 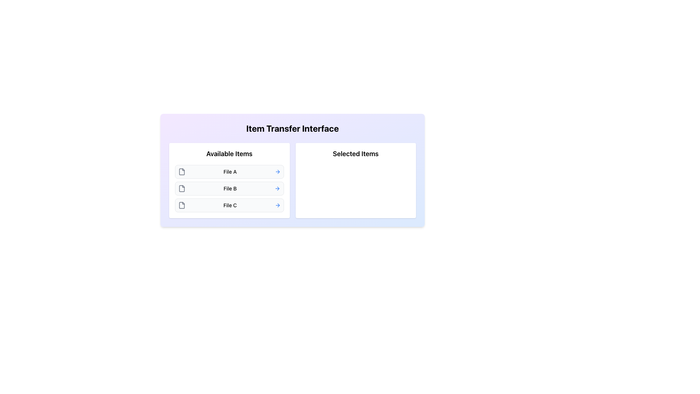 What do you see at coordinates (182, 171) in the screenshot?
I see `the file icon representing 'File A', which is the leftmost element in the first row of the 'Available Items' list` at bounding box center [182, 171].